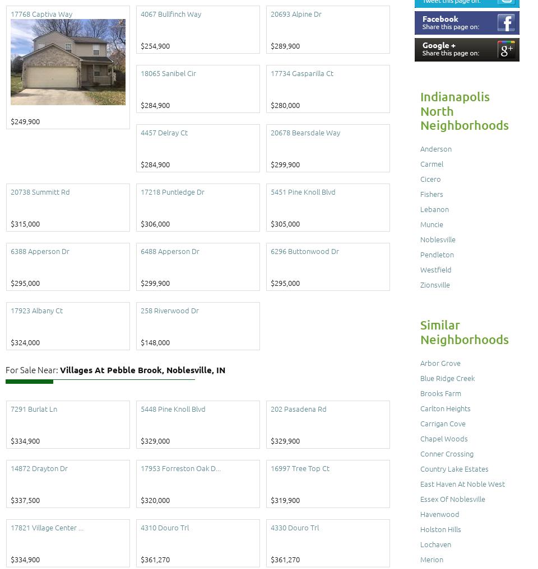 The image size is (538, 569). What do you see at coordinates (440, 528) in the screenshot?
I see `'Holston Hills'` at bounding box center [440, 528].